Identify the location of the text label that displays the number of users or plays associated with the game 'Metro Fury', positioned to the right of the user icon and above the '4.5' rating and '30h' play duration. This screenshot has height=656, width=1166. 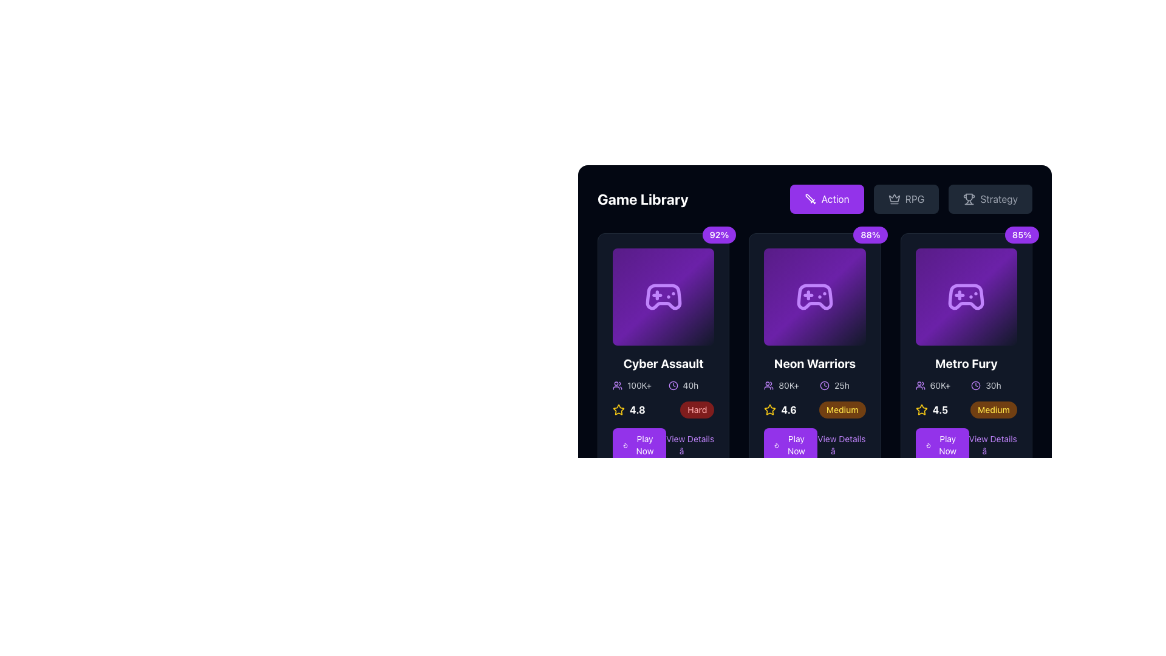
(939, 386).